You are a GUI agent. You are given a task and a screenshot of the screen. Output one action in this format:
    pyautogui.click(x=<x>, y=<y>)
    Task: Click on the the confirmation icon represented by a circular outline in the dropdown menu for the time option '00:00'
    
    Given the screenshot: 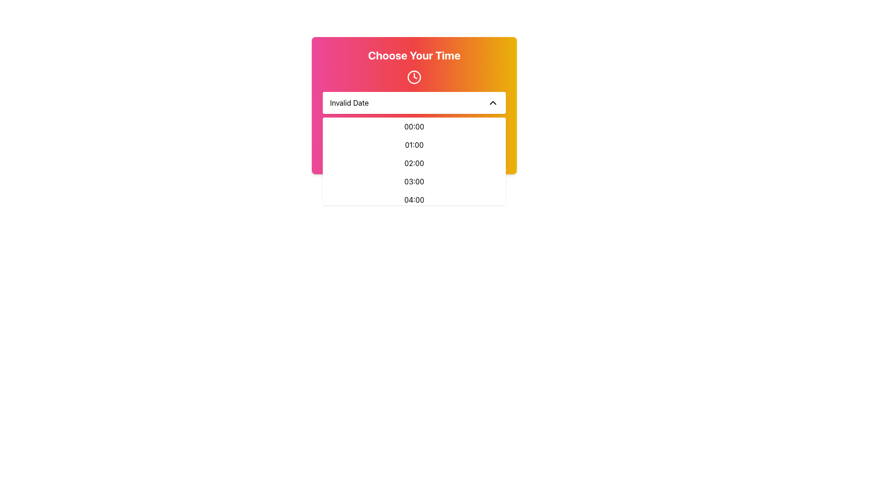 What is the action you would take?
    pyautogui.click(x=414, y=134)
    